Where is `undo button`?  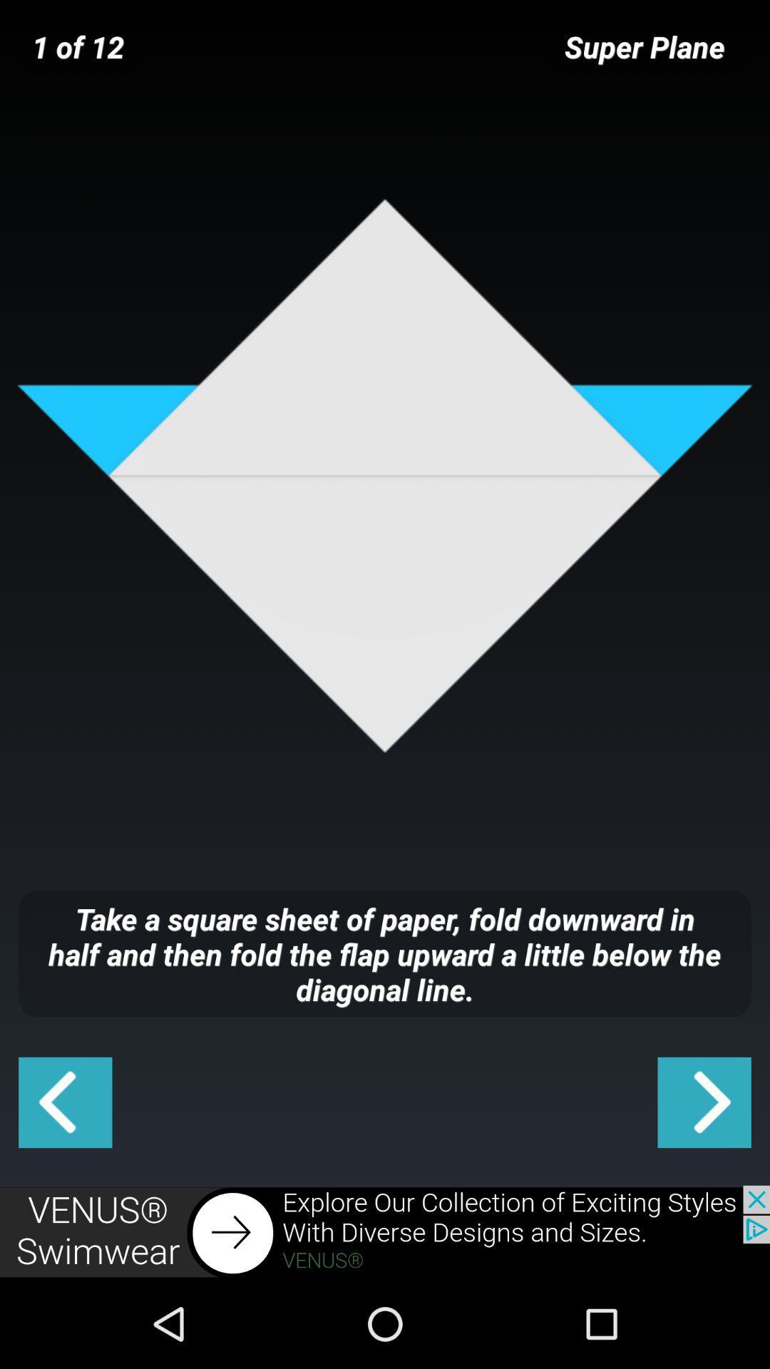
undo button is located at coordinates (65, 1102).